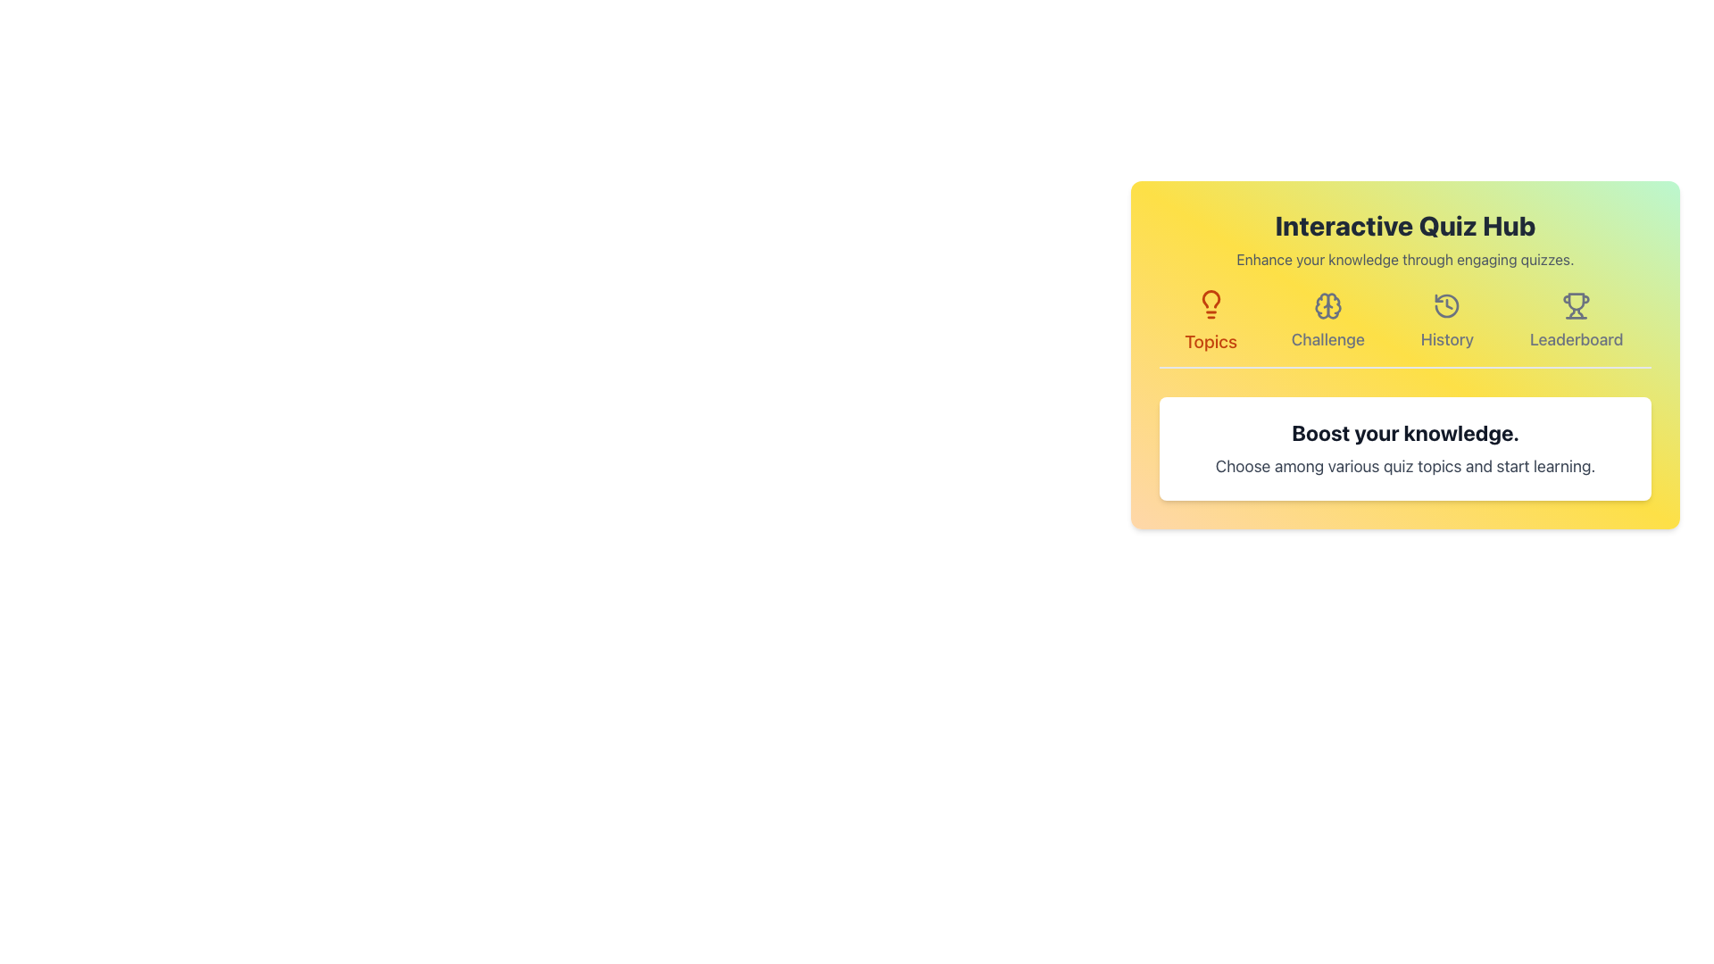 The width and height of the screenshot is (1714, 964). What do you see at coordinates (1447, 305) in the screenshot?
I see `the circular clock icon in the History section of the interactive quiz hub, which indicates a time-related function and is located third from the left in the top row of icons` at bounding box center [1447, 305].